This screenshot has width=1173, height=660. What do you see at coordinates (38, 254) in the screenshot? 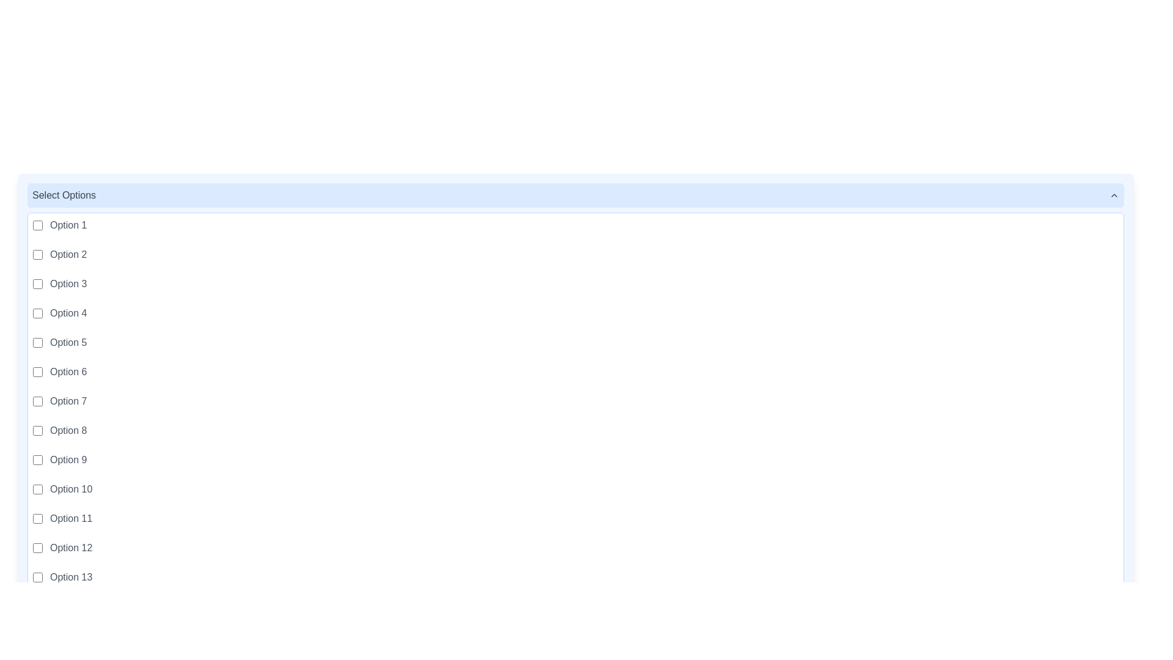
I see `the second checkbox labeled 'Option 2' in the vertical list of options beneath 'Select Options'` at bounding box center [38, 254].